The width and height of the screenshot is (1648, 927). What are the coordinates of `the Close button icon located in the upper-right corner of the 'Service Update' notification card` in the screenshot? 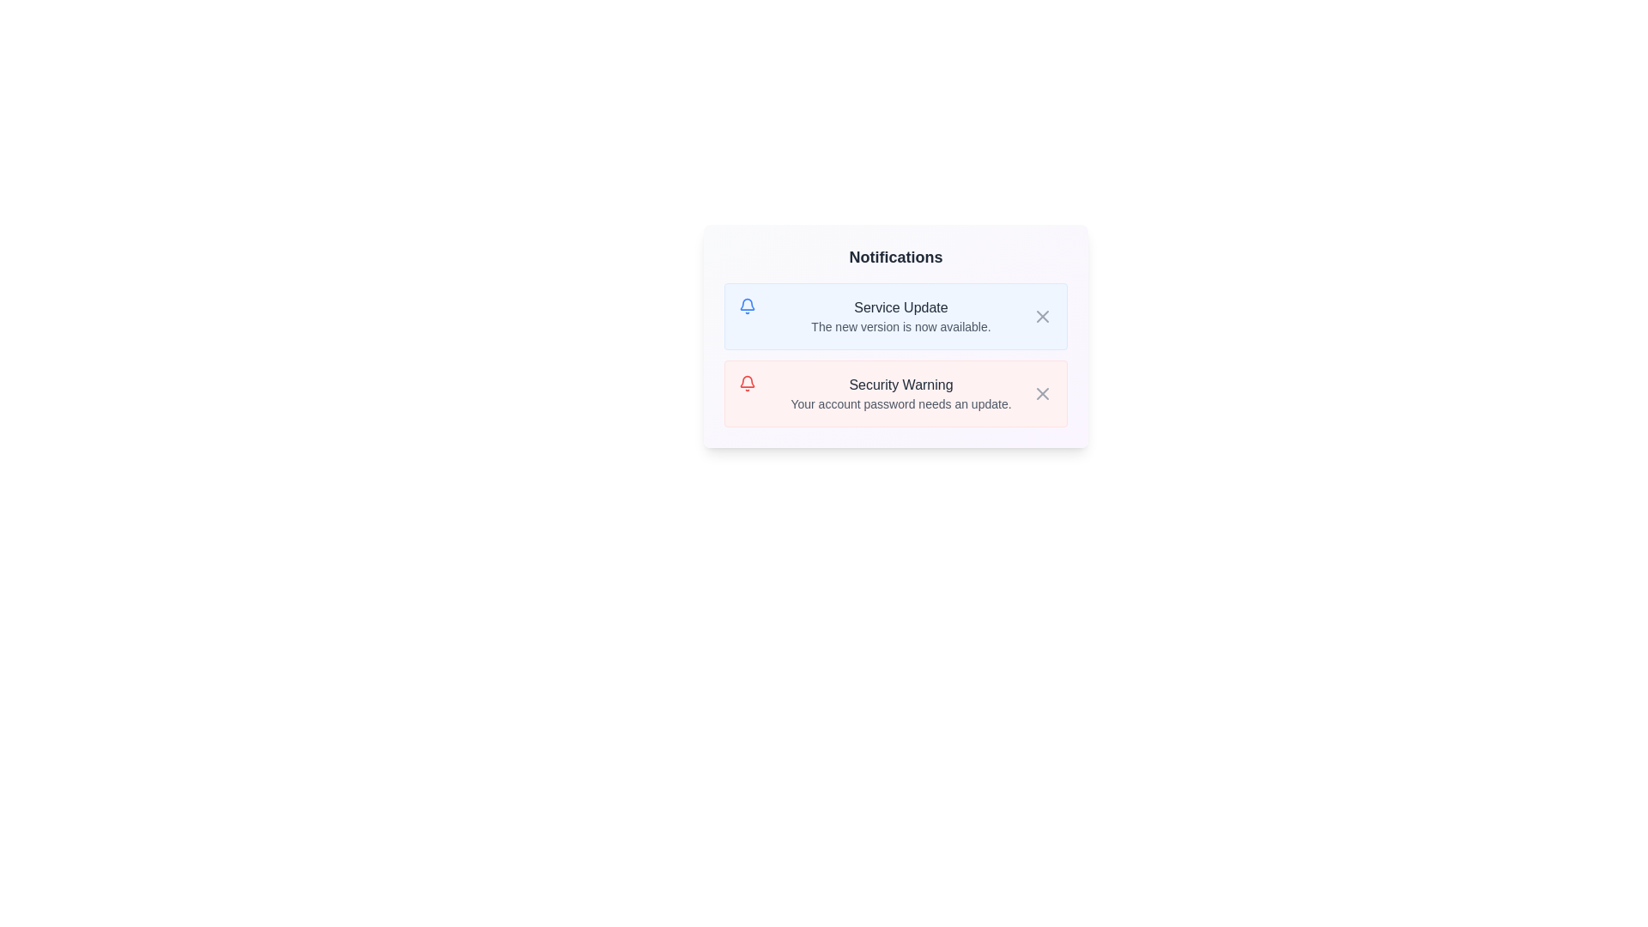 It's located at (1041, 317).